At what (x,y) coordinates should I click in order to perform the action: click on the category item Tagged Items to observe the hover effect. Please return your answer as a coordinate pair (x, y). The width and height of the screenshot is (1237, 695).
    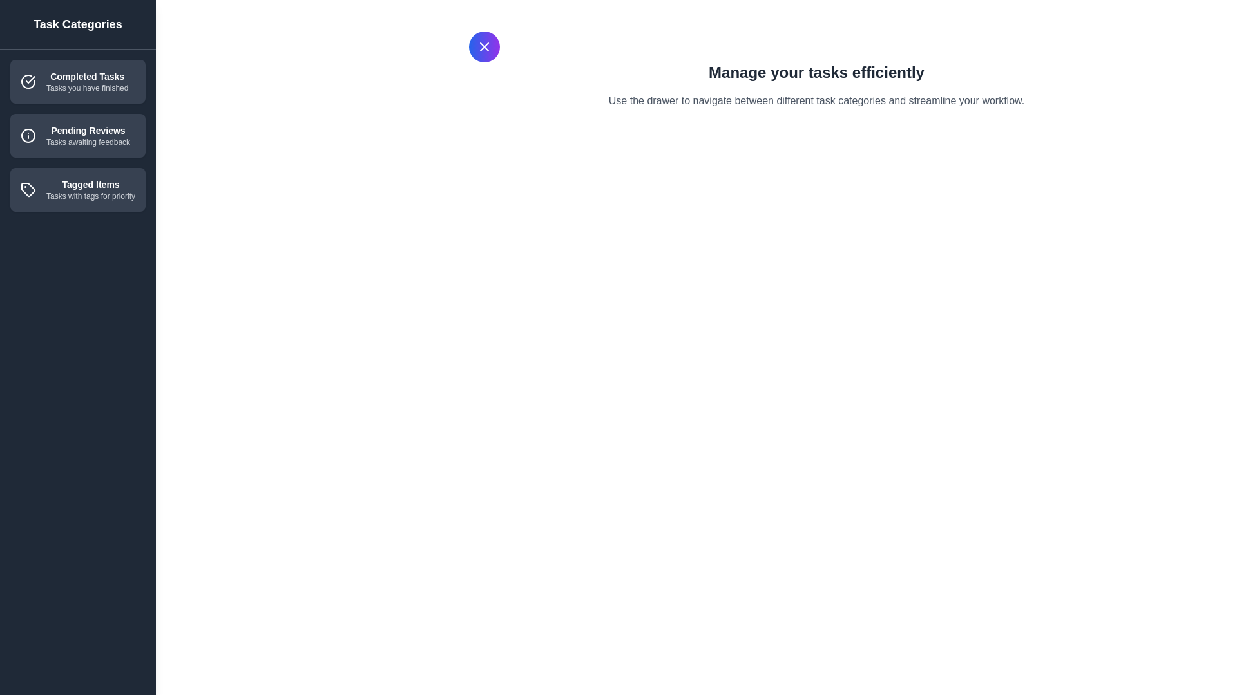
    Looking at the image, I should click on (77, 189).